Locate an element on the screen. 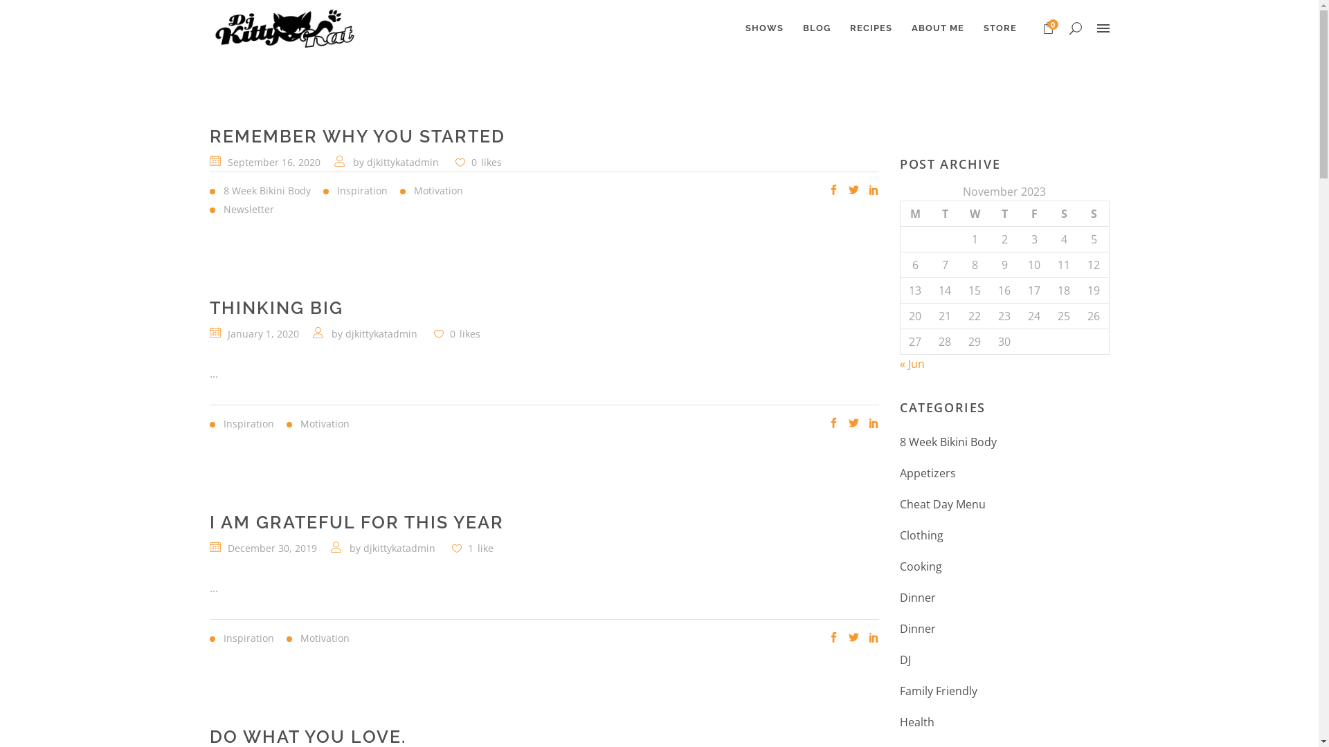  'Dinner' is located at coordinates (917, 629).